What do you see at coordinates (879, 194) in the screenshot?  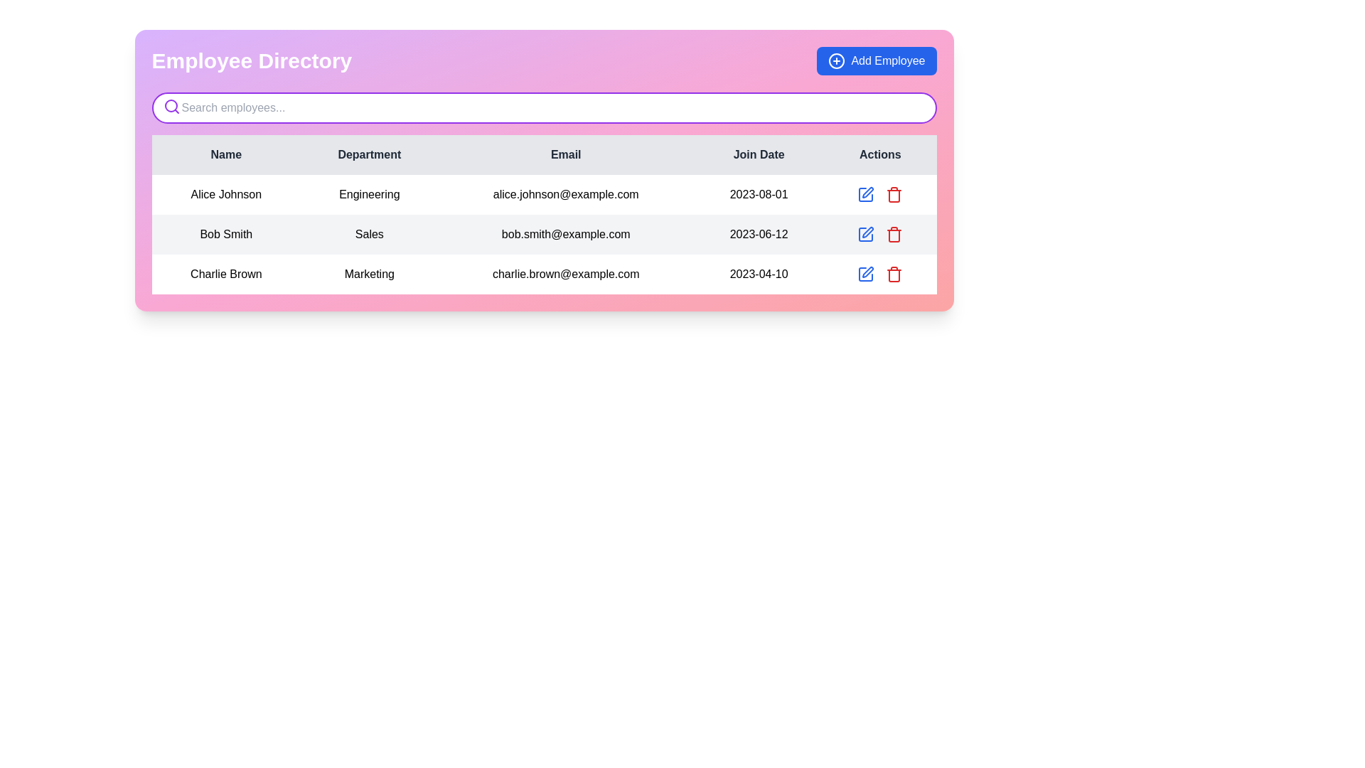 I see `the delete icon located in the last cell of the row corresponding to 'Alice Johnson' in the 'Actions' column of the table to initiate the delete process` at bounding box center [879, 194].